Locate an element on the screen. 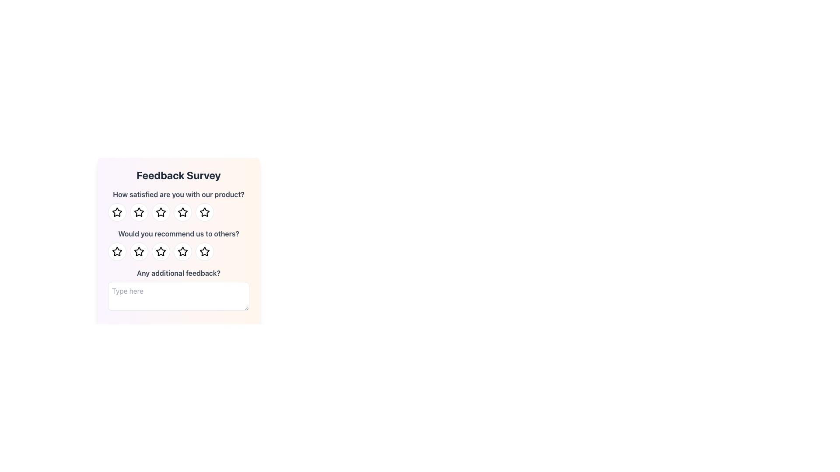 This screenshot has height=472, width=840. the third star-shaped rating icon in the first row of the rating scale component under the question 'How satisfied are you with our product?' is located at coordinates (182, 212).